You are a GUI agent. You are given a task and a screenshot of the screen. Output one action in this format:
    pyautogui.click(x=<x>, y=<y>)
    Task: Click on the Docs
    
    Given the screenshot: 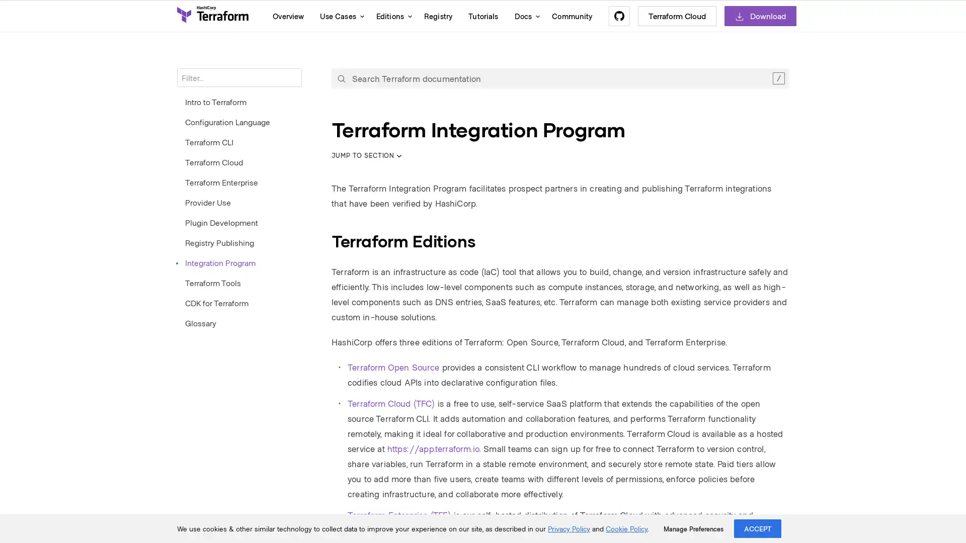 What is the action you would take?
    pyautogui.click(x=524, y=16)
    